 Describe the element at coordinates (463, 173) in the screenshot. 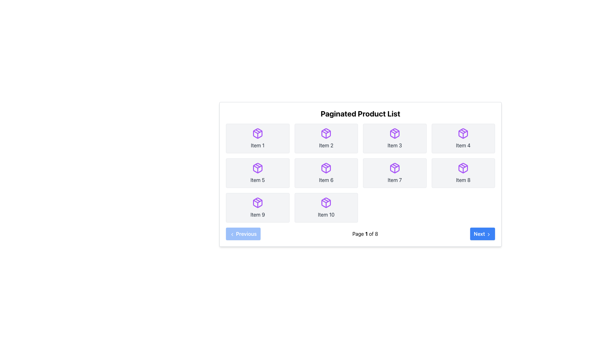

I see `the Card element that displays 'Item 8', which is a rectangular card with rounded corners, a light gray background, and a purple package icon at the top center` at that location.